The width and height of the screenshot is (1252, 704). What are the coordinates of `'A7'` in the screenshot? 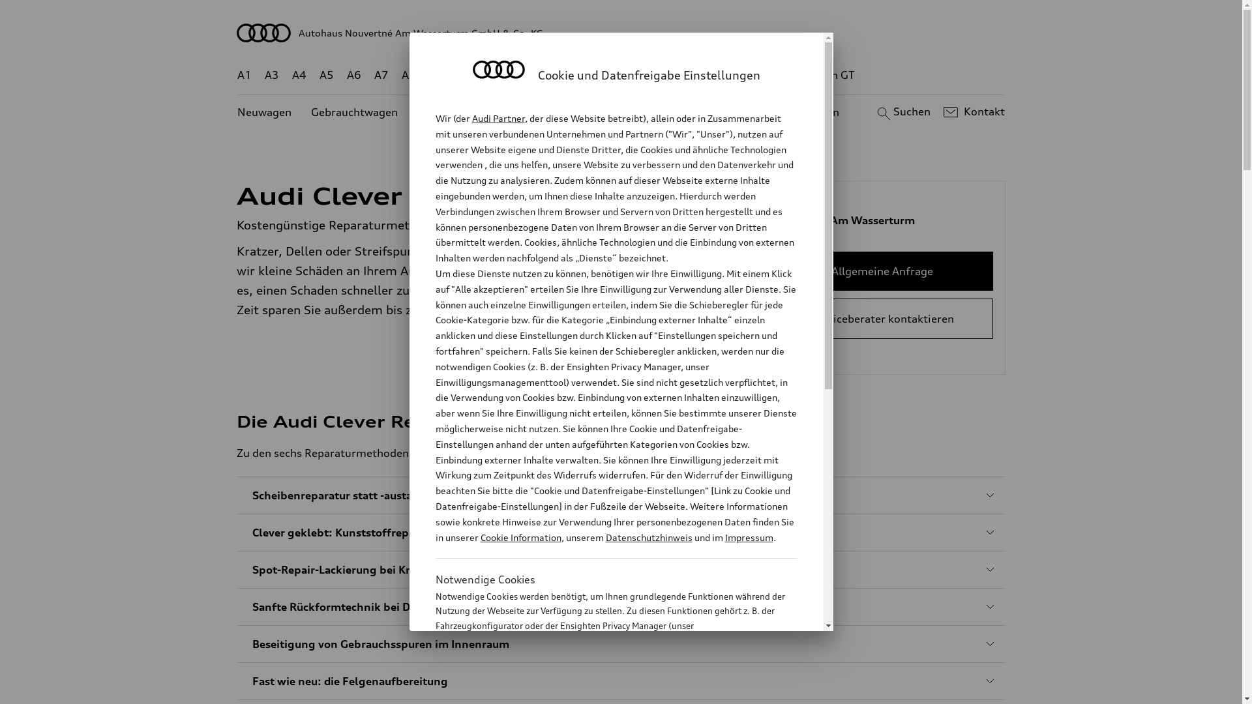 It's located at (381, 75).